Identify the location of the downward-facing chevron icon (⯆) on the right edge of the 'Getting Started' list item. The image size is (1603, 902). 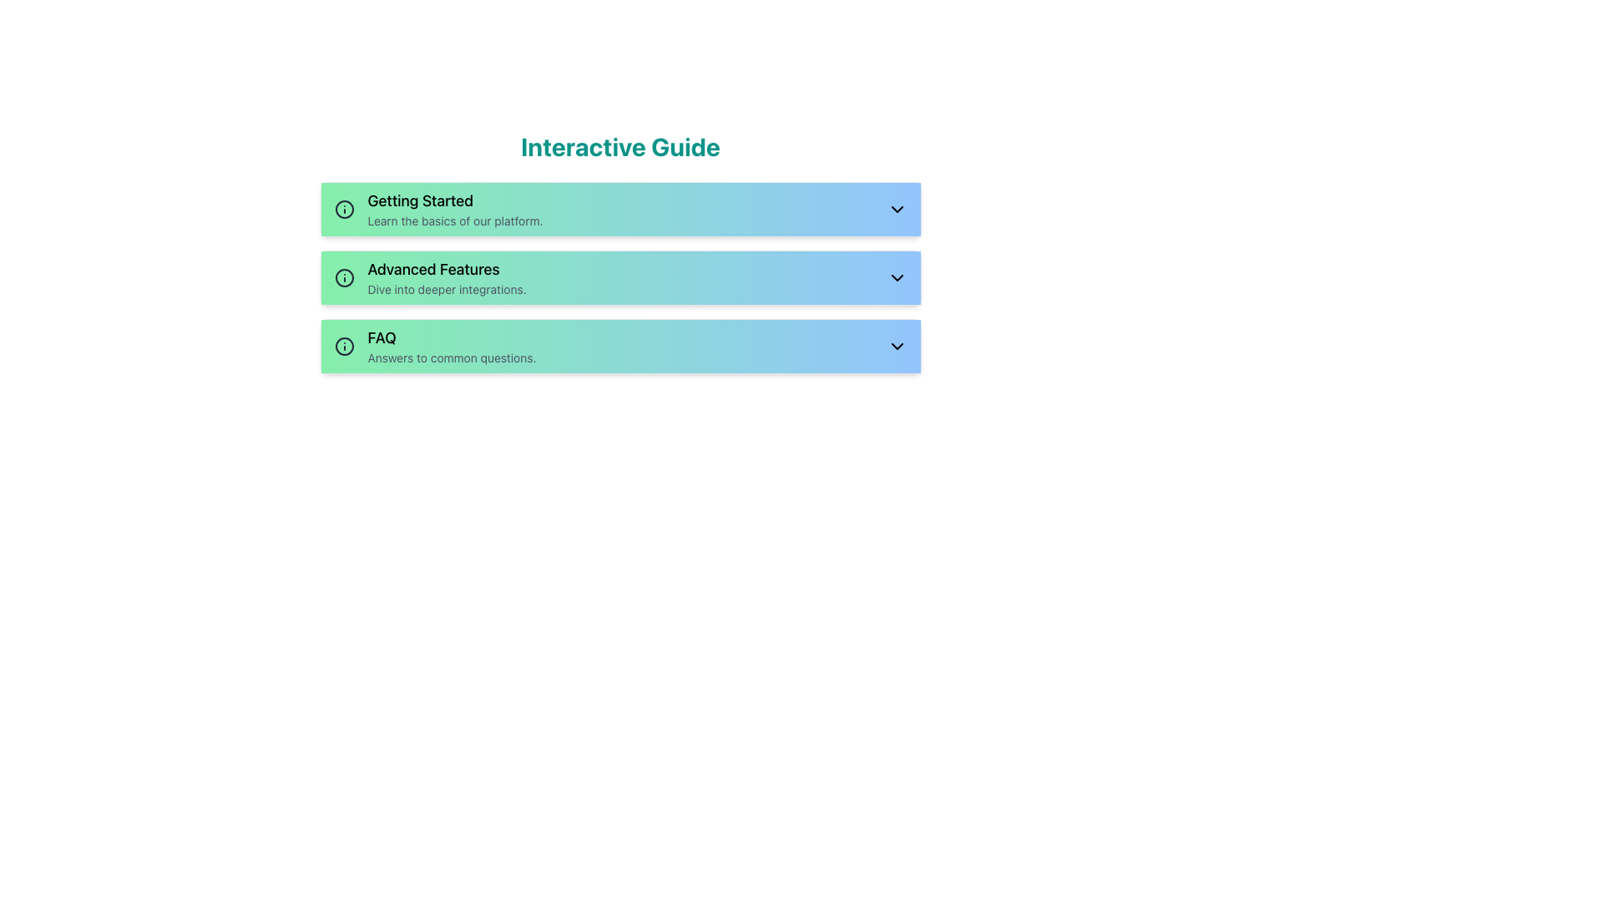
(896, 208).